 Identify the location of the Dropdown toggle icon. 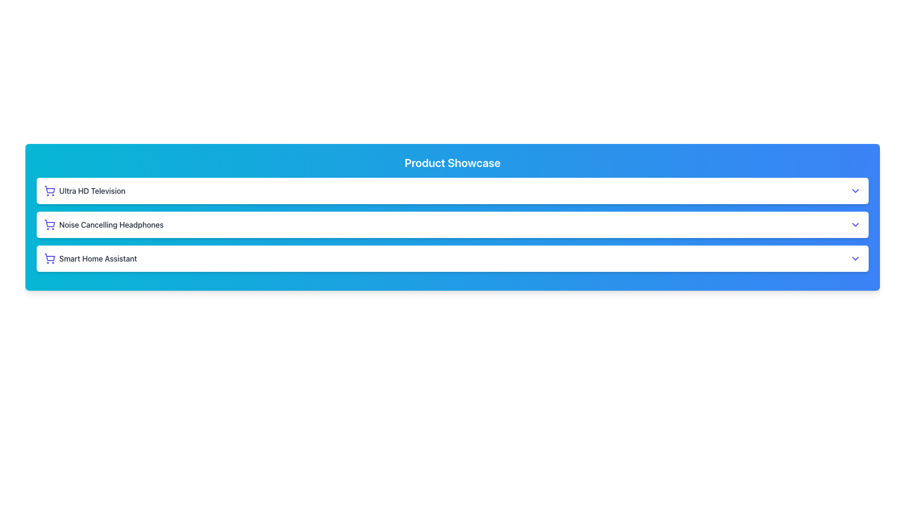
(855, 190).